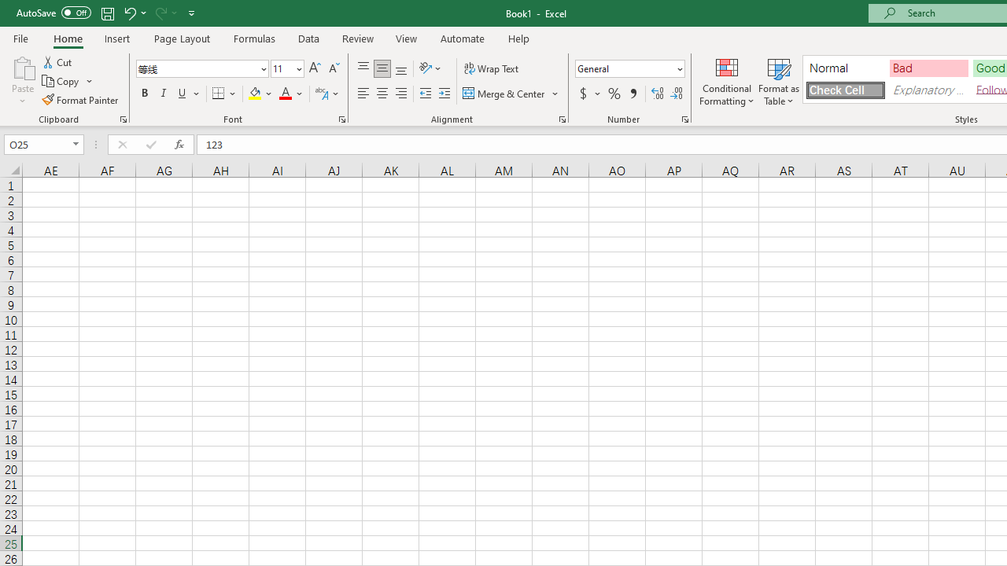  What do you see at coordinates (255, 94) in the screenshot?
I see `'Fill Color RGB(255, 255, 0)'` at bounding box center [255, 94].